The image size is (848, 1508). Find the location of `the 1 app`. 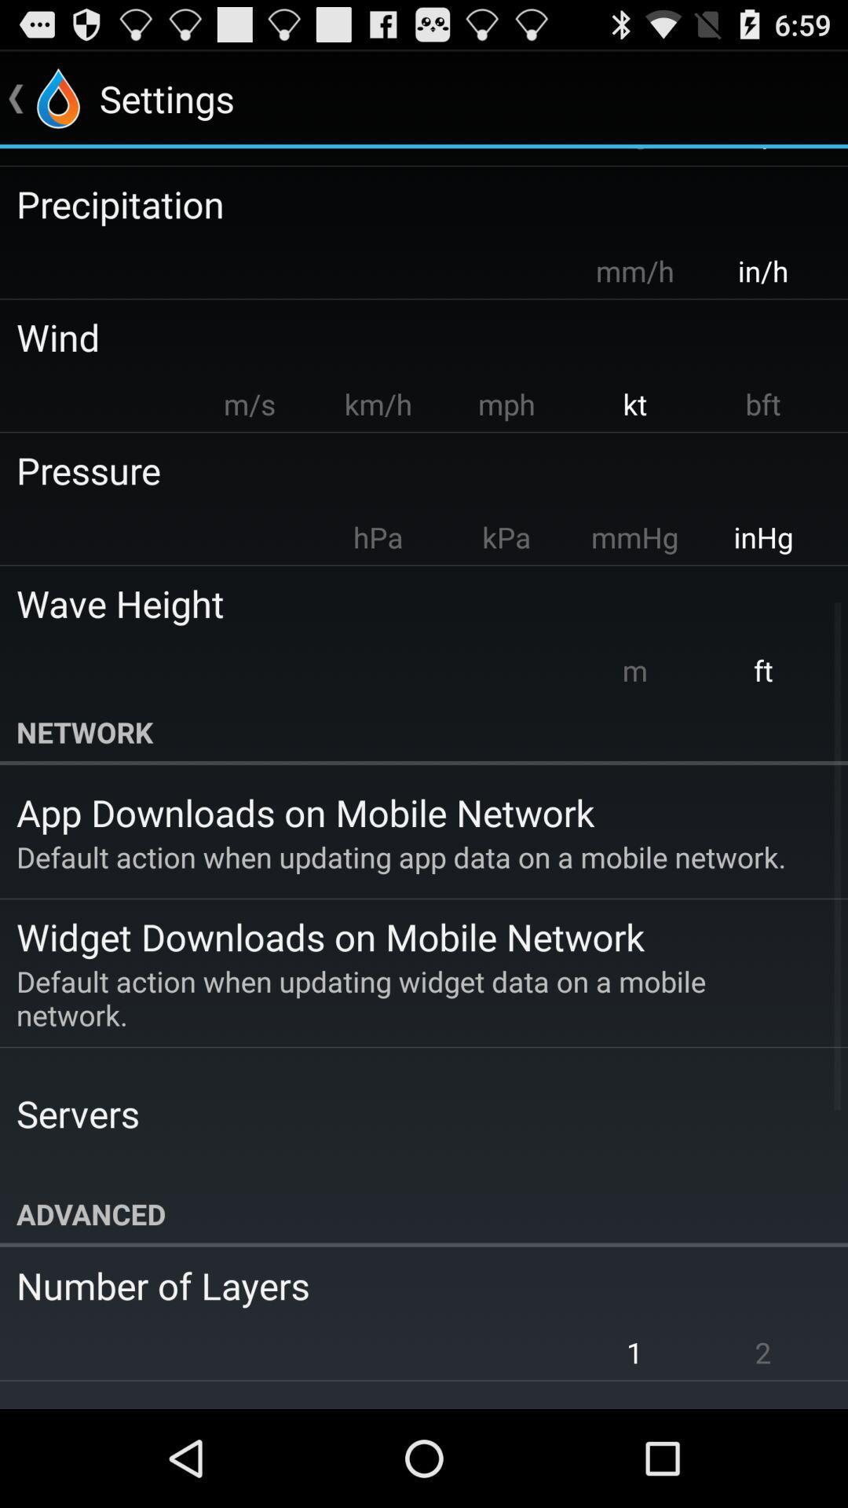

the 1 app is located at coordinates (634, 1352).